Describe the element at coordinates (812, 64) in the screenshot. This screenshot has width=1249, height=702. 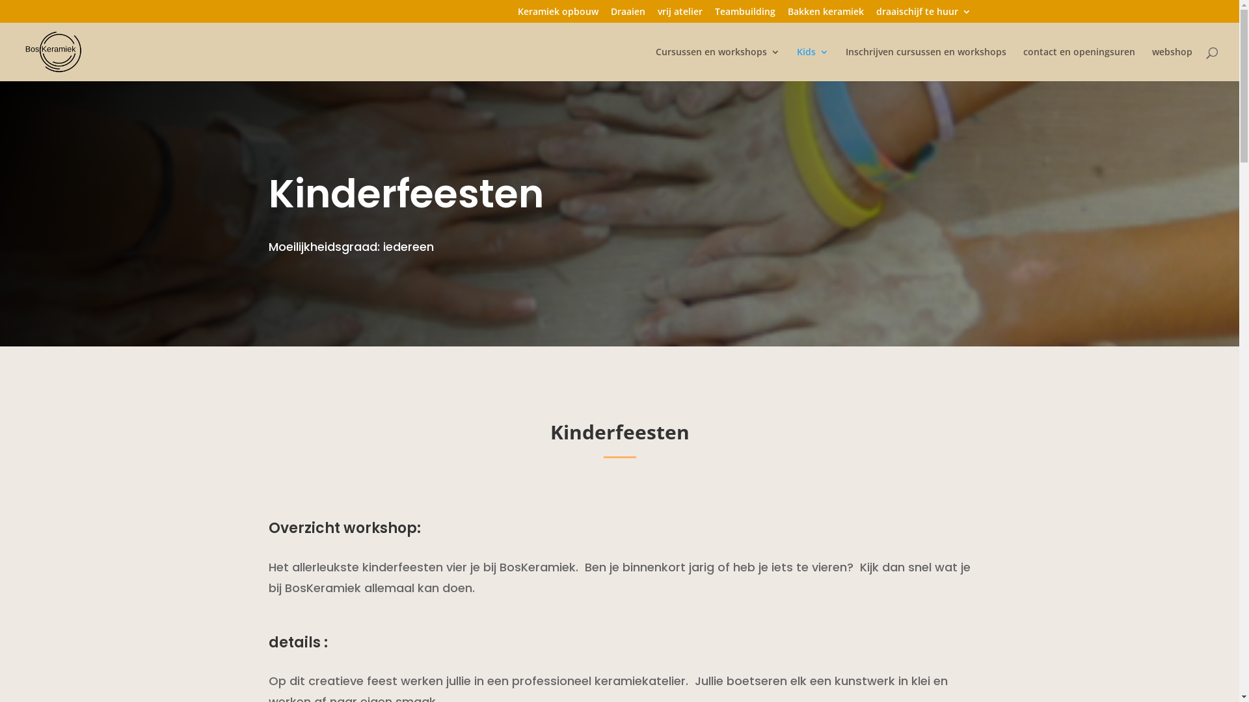
I see `'Kids'` at that location.